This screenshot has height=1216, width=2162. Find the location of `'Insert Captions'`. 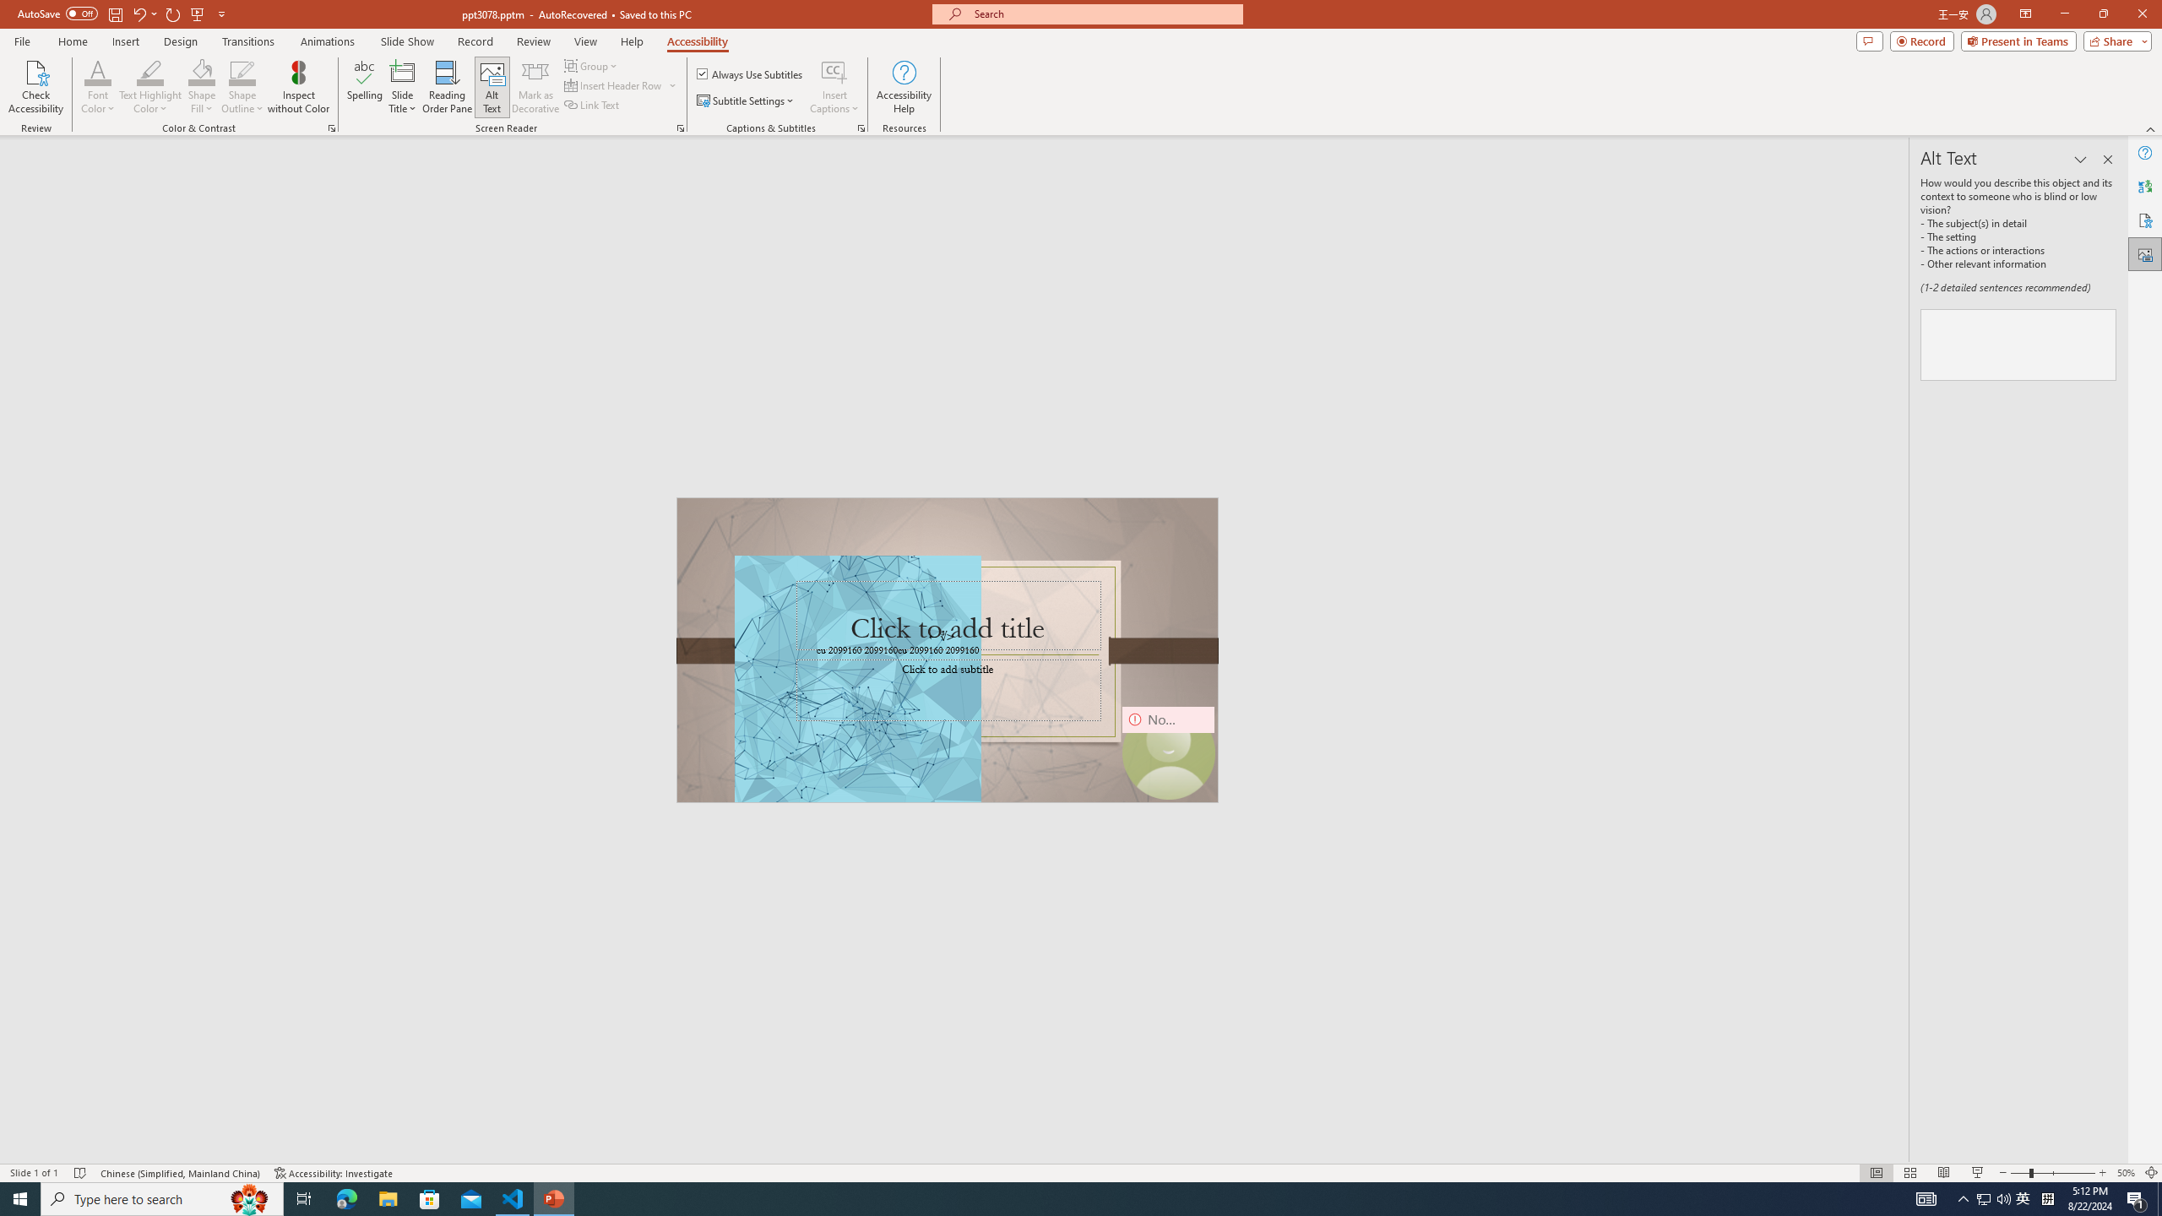

'Insert Captions' is located at coordinates (834, 87).